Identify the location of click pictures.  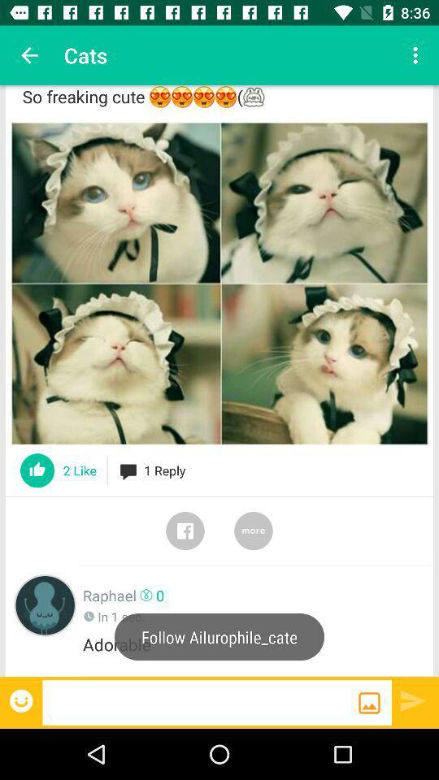
(219, 284).